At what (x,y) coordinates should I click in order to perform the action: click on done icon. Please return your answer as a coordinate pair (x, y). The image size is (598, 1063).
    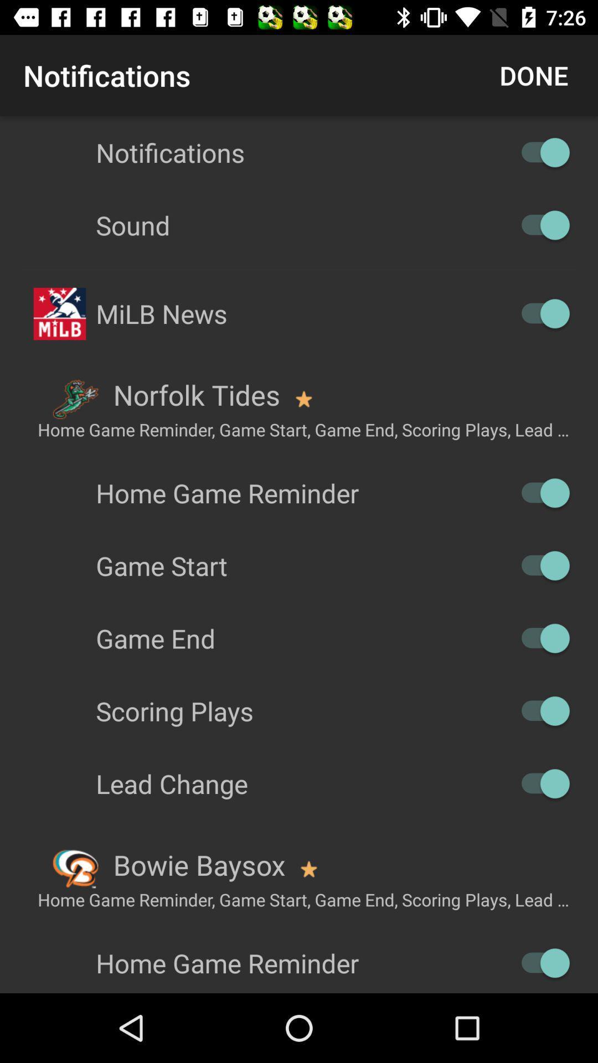
    Looking at the image, I should click on (533, 75).